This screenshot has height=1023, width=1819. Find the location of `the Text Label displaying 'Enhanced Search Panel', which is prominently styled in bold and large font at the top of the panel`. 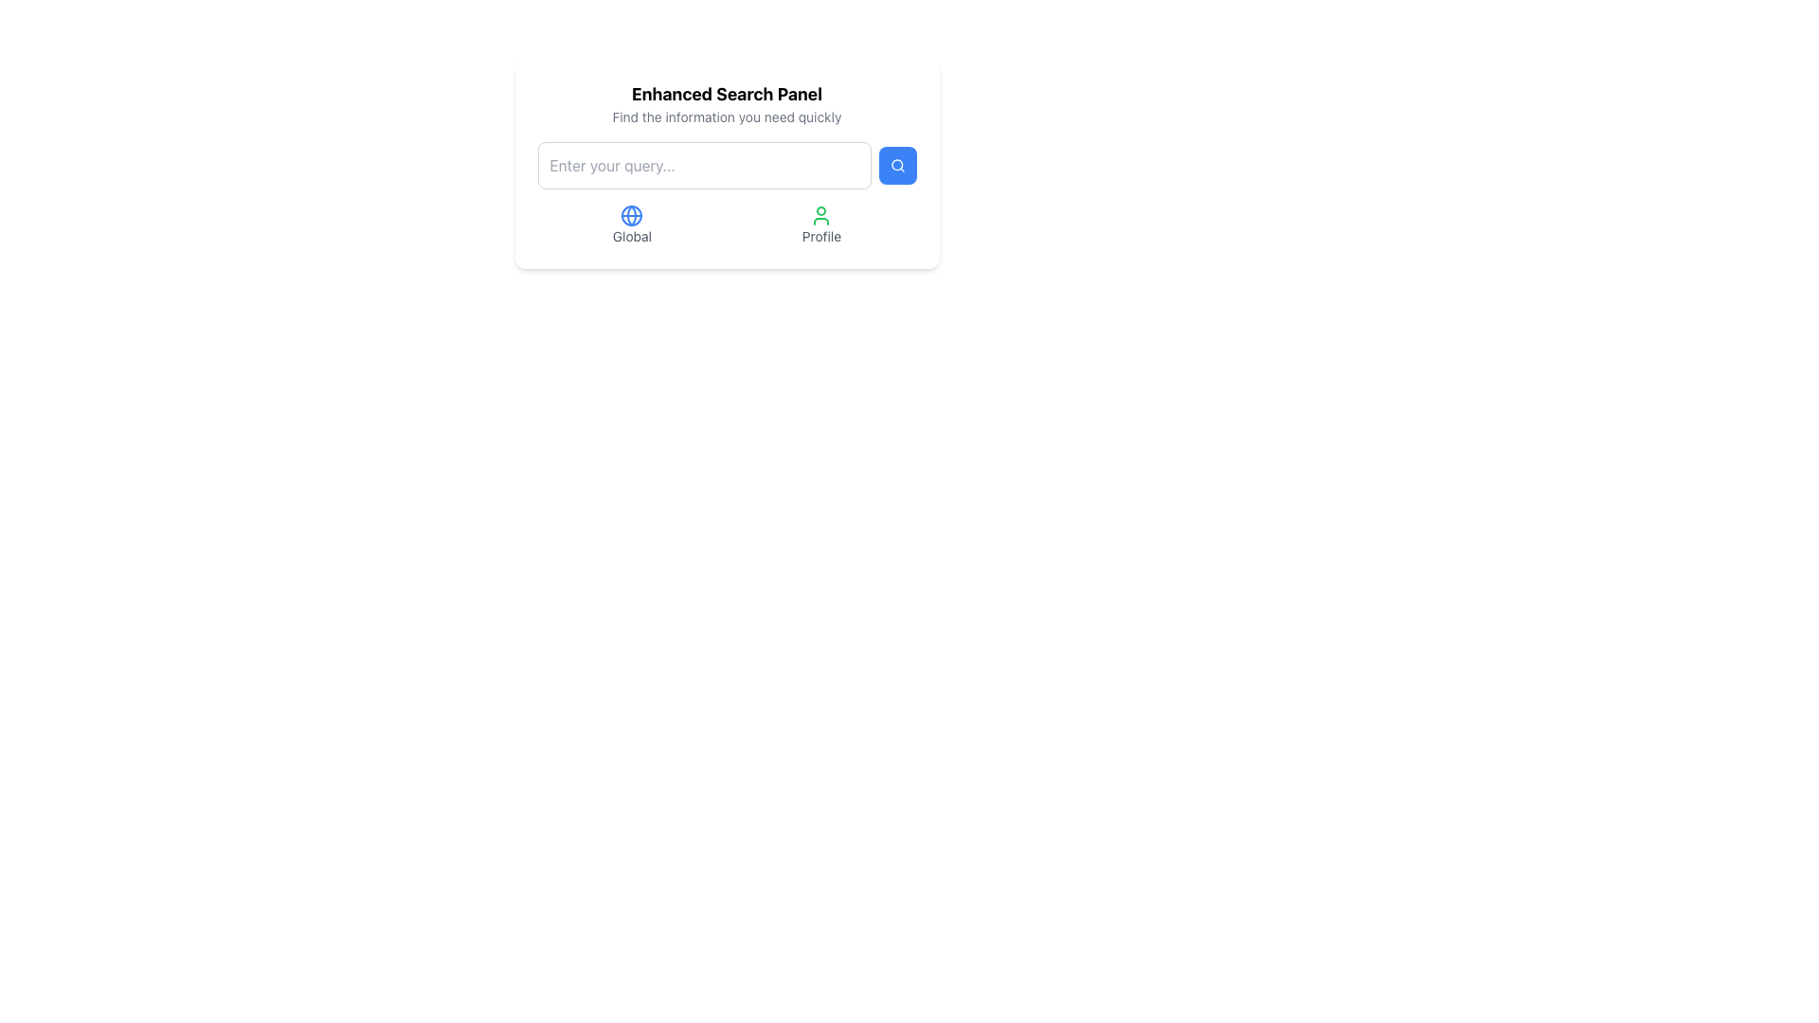

the Text Label displaying 'Enhanced Search Panel', which is prominently styled in bold and large font at the top of the panel is located at coordinates (726, 95).